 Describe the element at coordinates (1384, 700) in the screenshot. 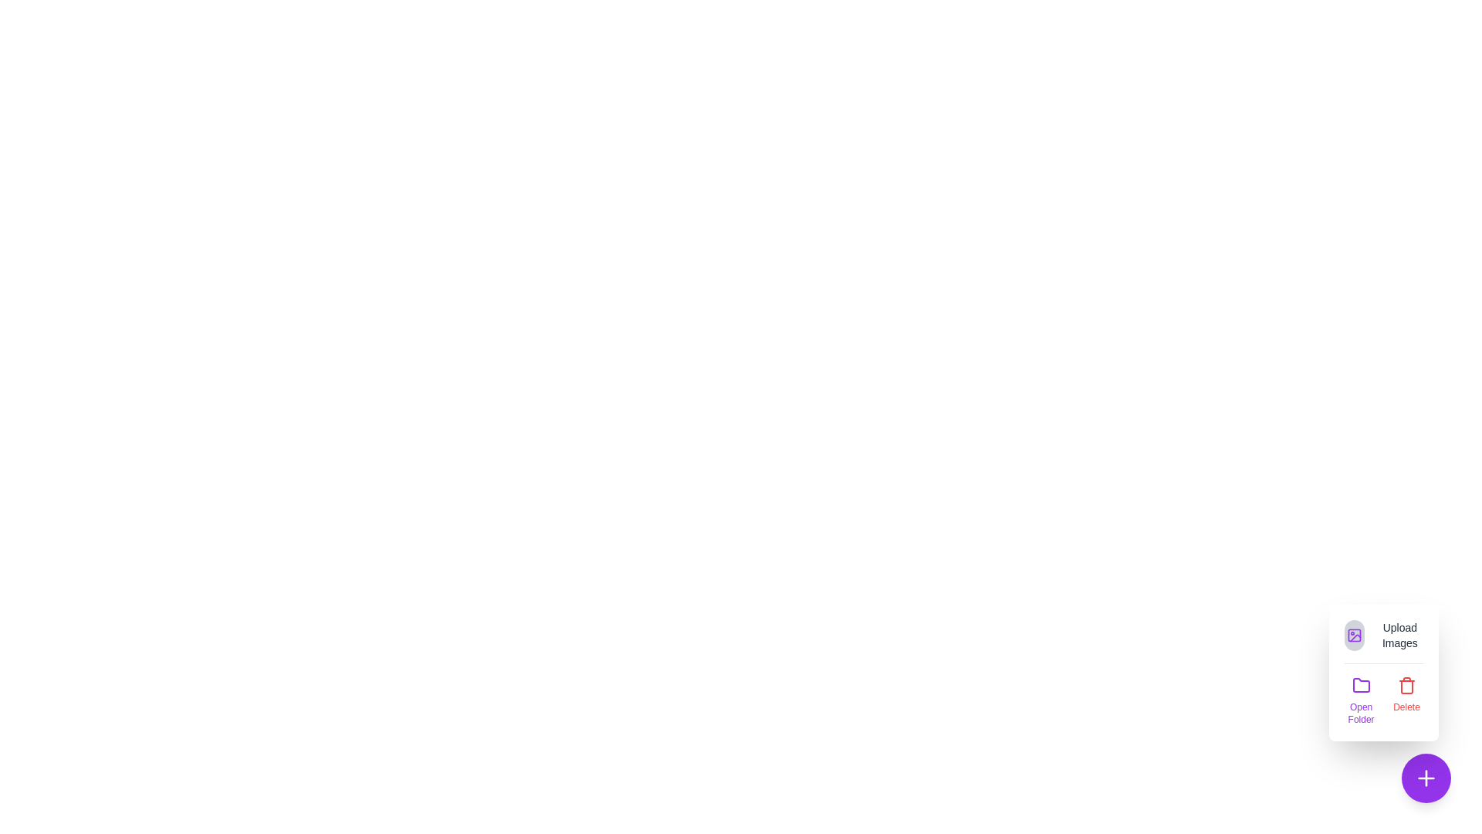

I see `the 'Open Folder' button located in the lower-right part of the interface within the grouped button grid` at that location.